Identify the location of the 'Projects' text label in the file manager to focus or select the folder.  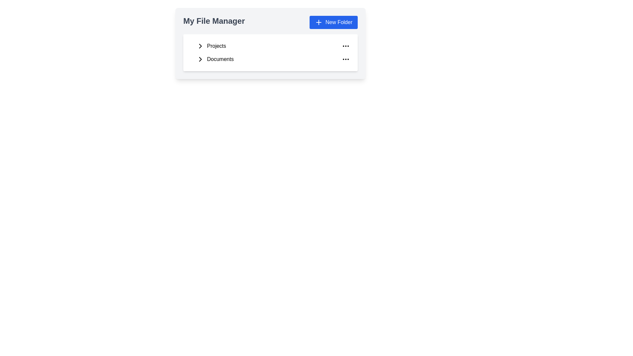
(216, 45).